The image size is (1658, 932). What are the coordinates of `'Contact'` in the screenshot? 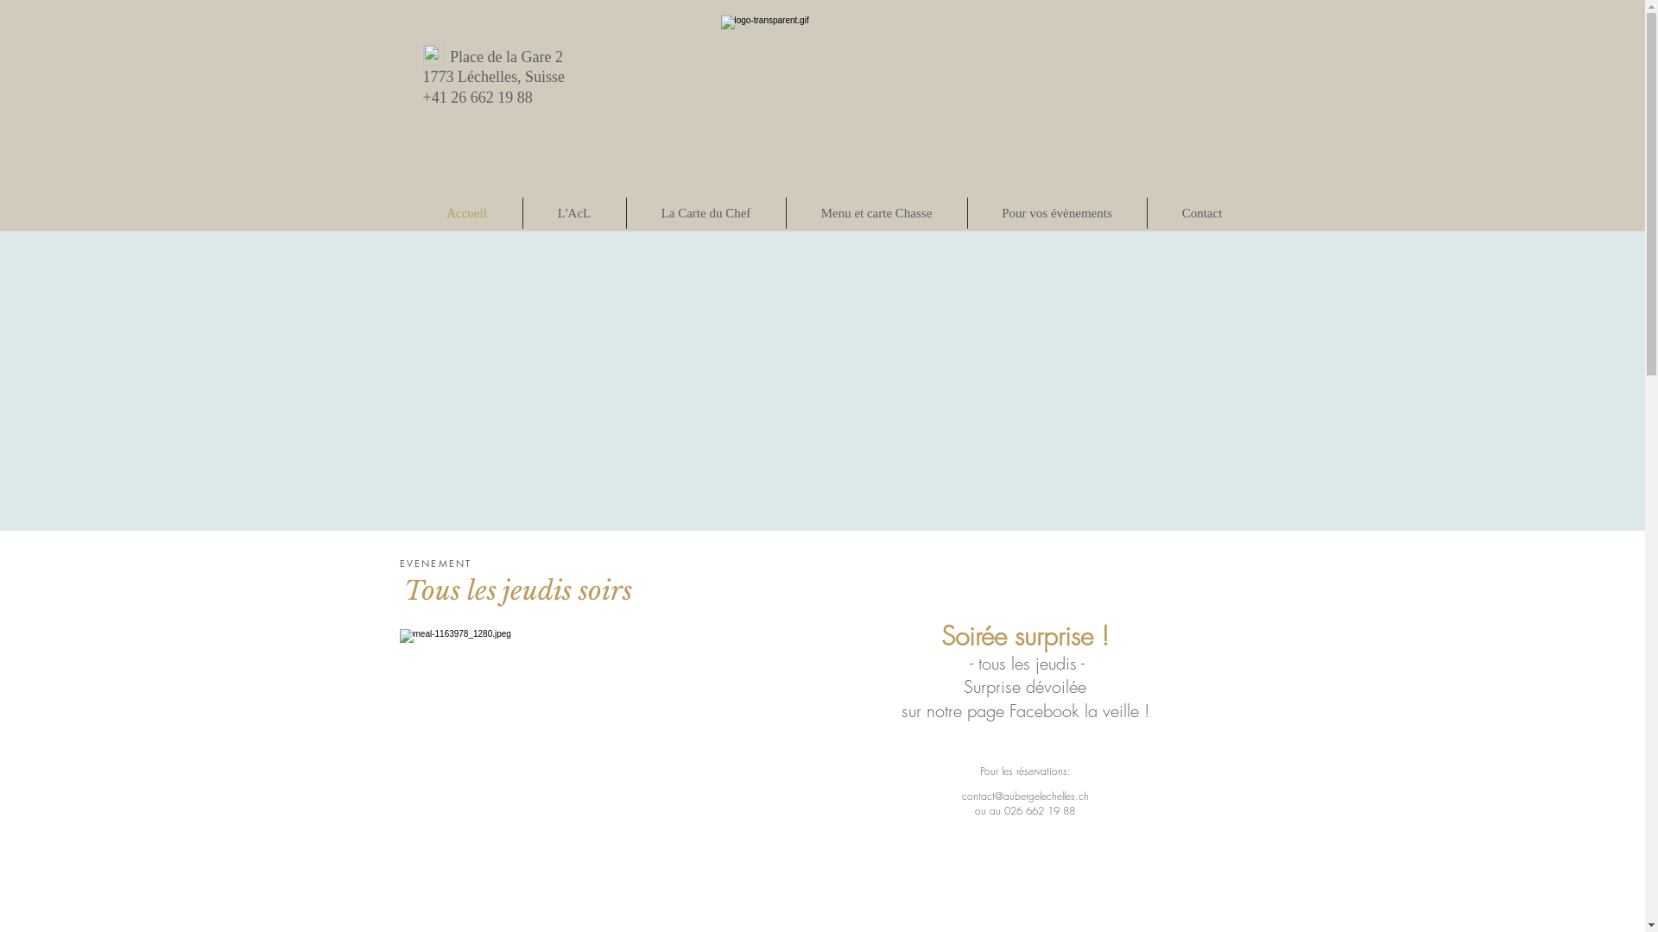 It's located at (1200, 211).